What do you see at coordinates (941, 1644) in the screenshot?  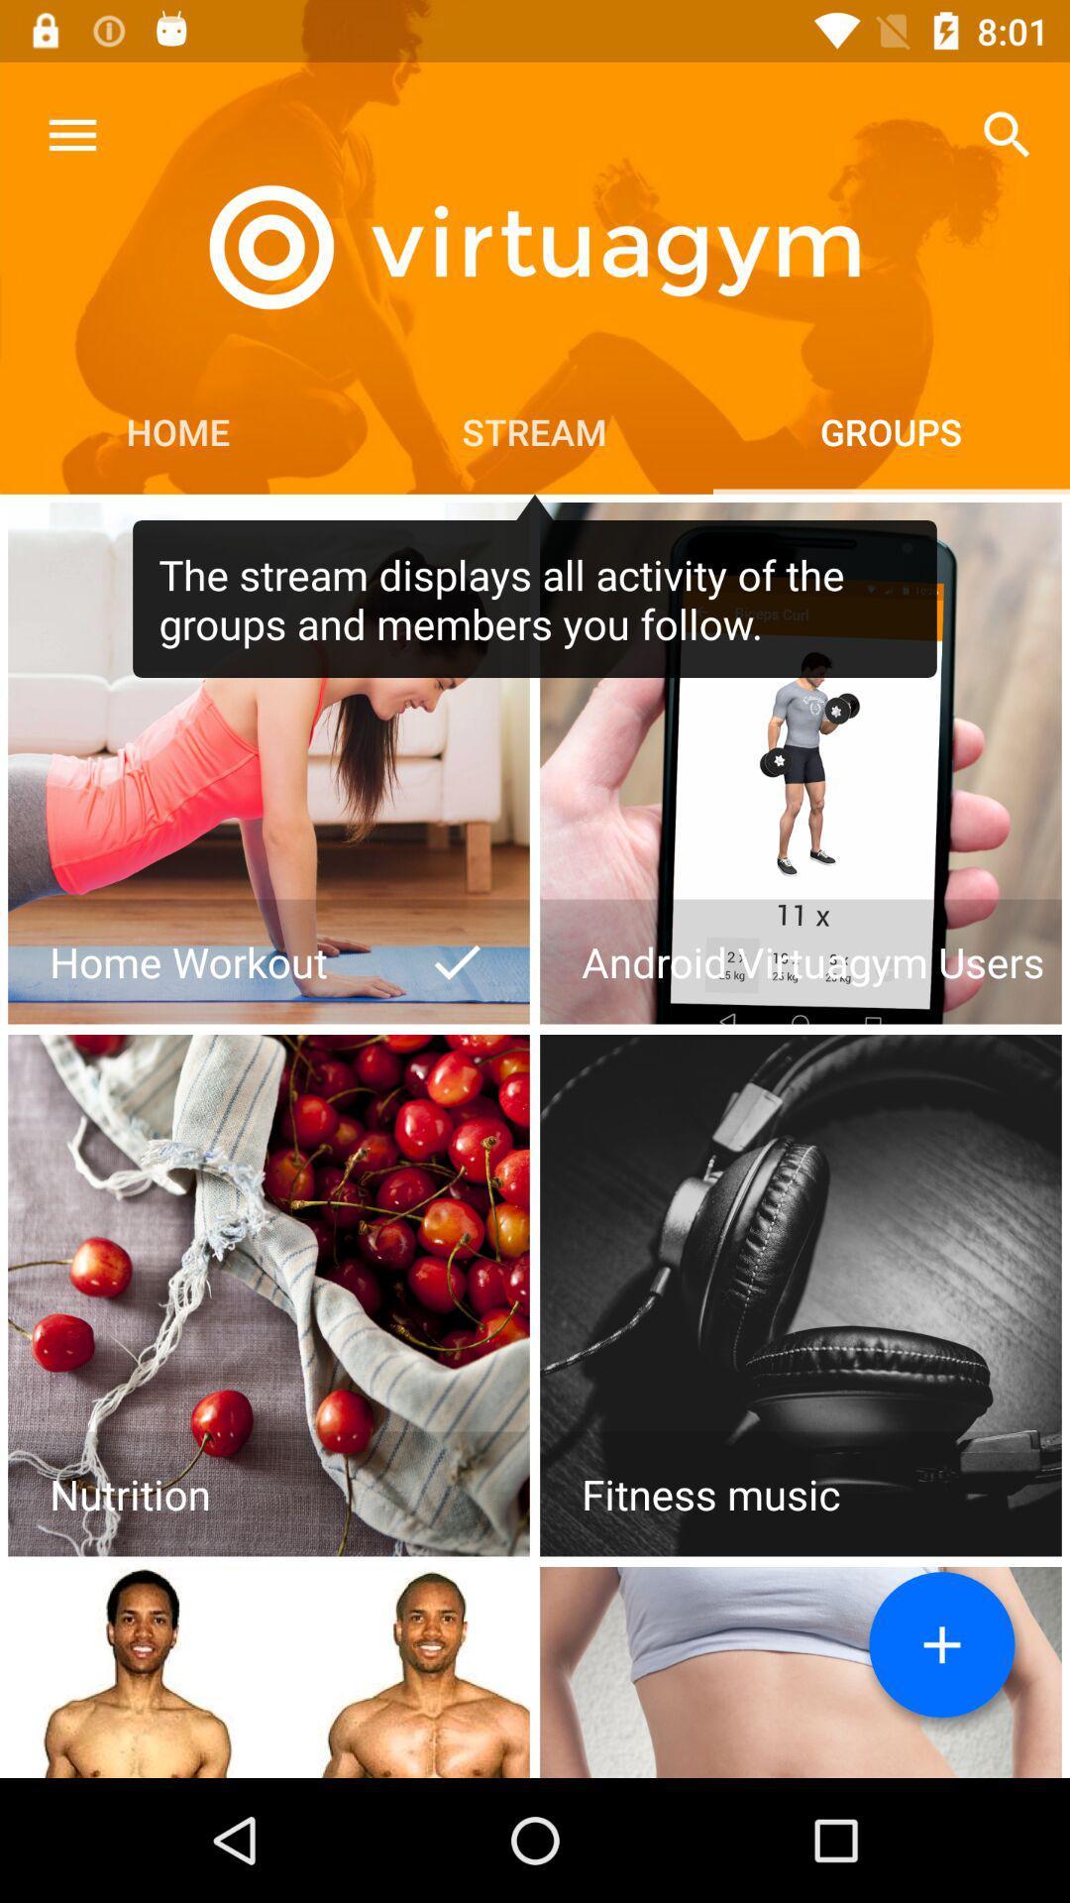 I see `adds a new group for organization` at bounding box center [941, 1644].